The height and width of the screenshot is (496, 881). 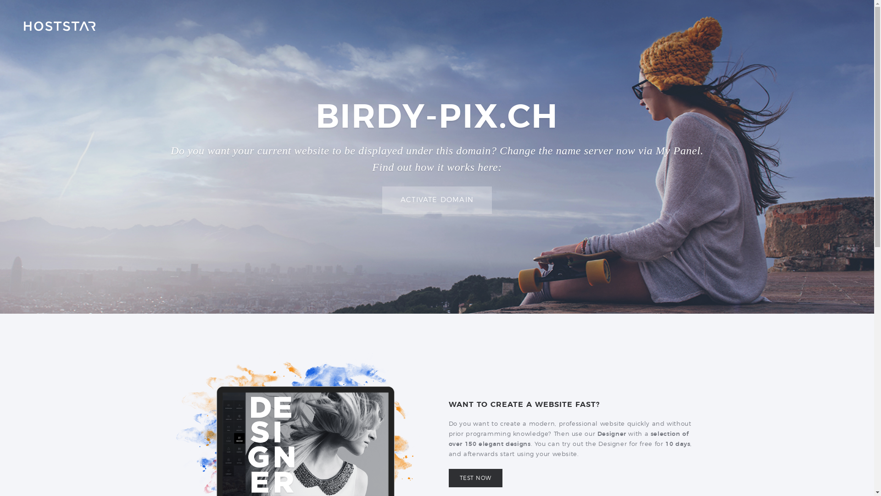 What do you see at coordinates (436, 200) in the screenshot?
I see `'ACTIVATE DOMAIN'` at bounding box center [436, 200].